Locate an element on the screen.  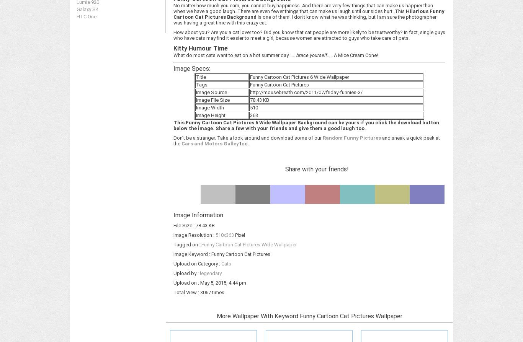
'Title' is located at coordinates (196, 77).